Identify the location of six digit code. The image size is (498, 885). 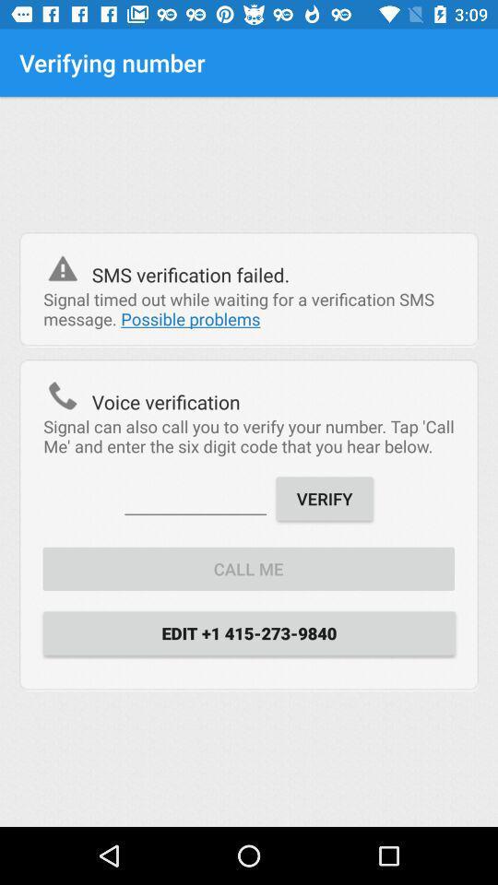
(195, 496).